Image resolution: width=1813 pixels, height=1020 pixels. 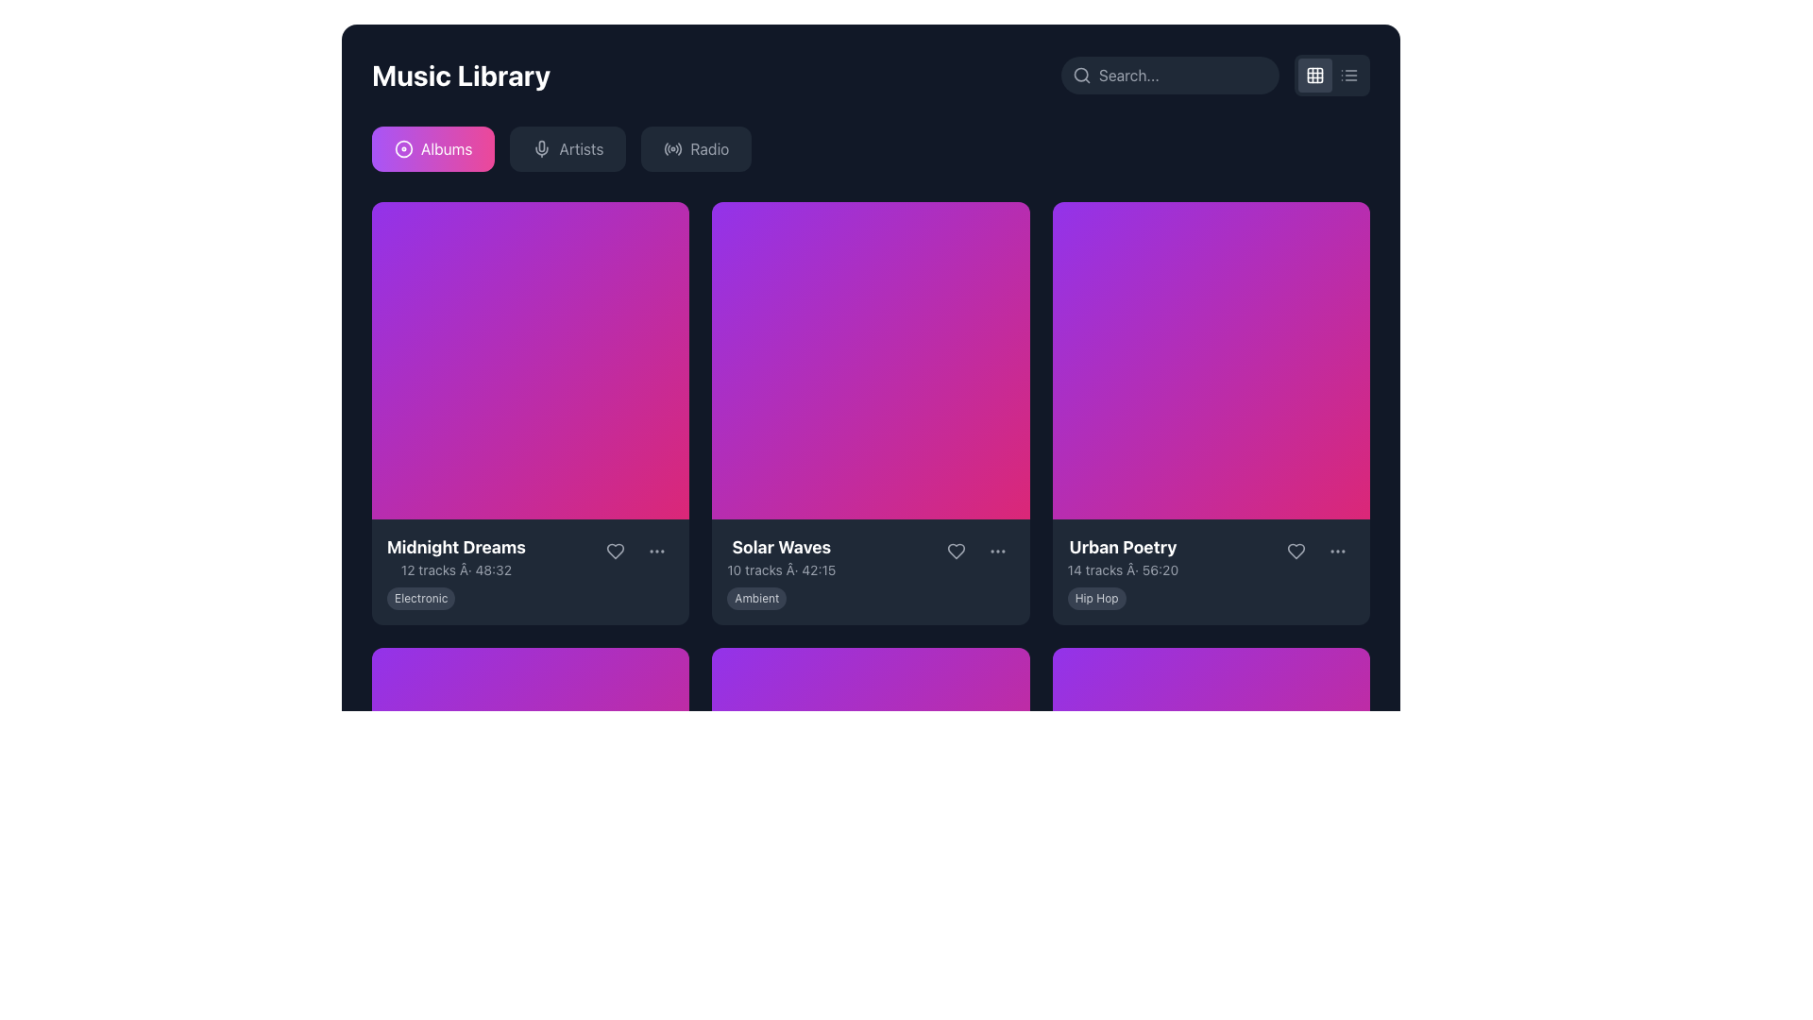 I want to click on the 'Albums' button, which is a rectangular button with a gradient background from purple to pink, containing a disc icon and white text, so click(x=432, y=148).